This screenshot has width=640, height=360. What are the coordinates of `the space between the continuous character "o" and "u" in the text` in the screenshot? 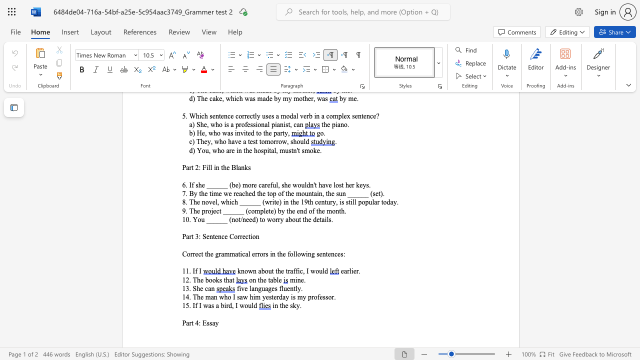 It's located at (248, 305).